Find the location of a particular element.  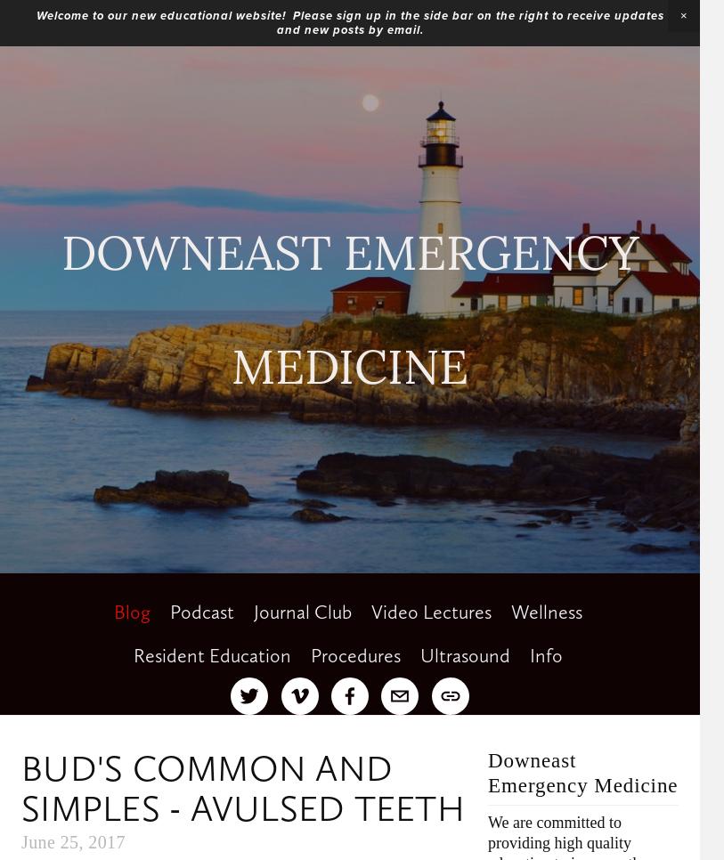

'Blog' is located at coordinates (111, 612).